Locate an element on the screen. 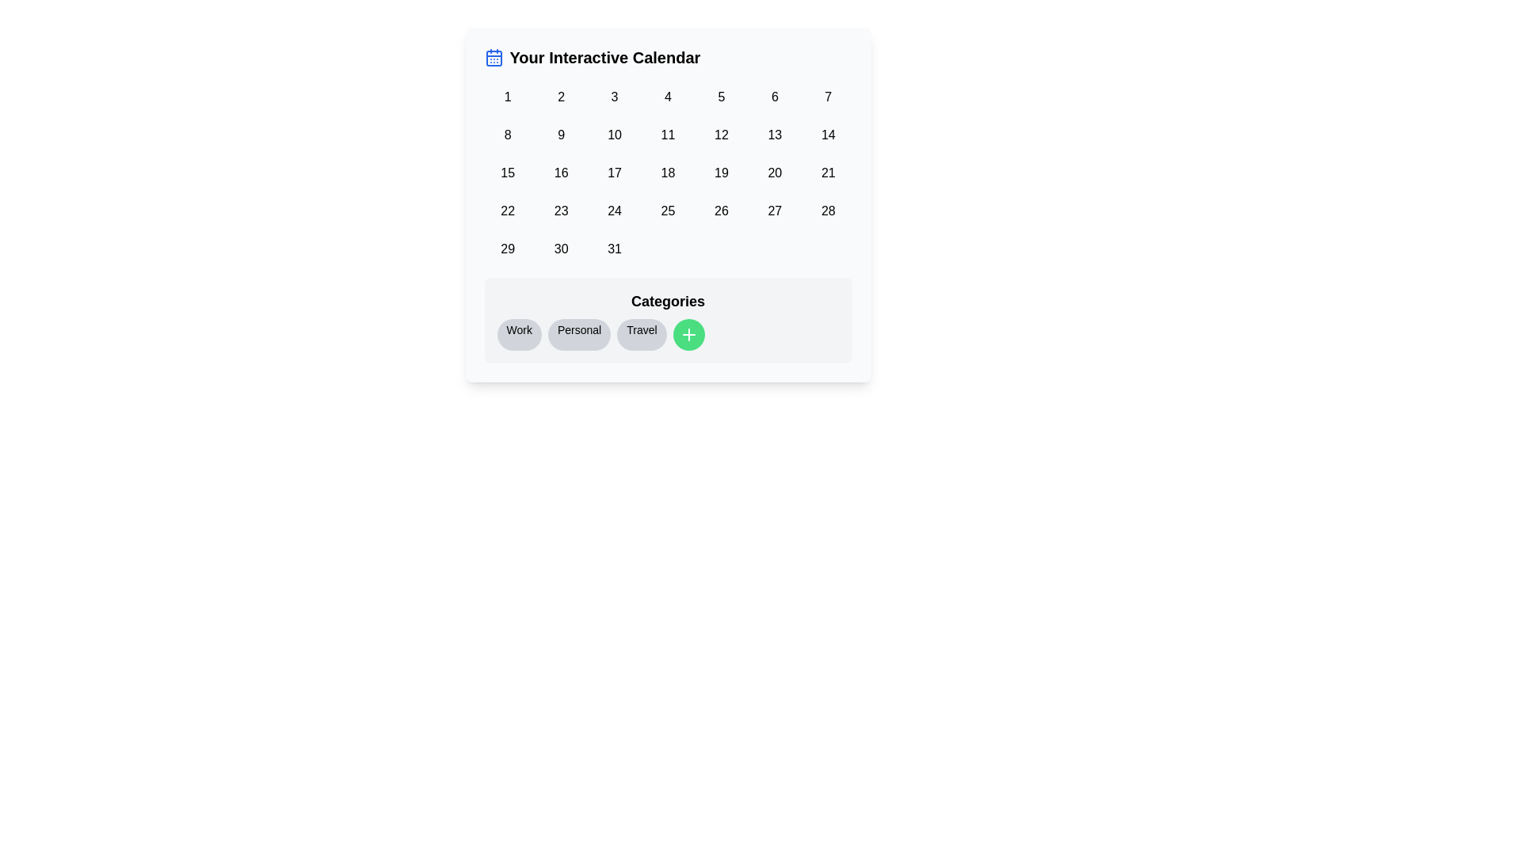 Image resolution: width=1521 pixels, height=855 pixels. the rectangular button labeled '19' in the calendar grid is located at coordinates (720, 173).